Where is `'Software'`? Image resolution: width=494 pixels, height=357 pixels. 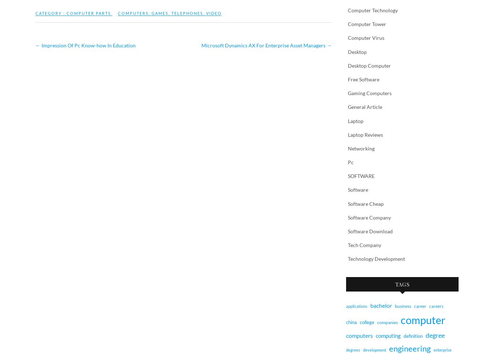 'Software' is located at coordinates (358, 190).